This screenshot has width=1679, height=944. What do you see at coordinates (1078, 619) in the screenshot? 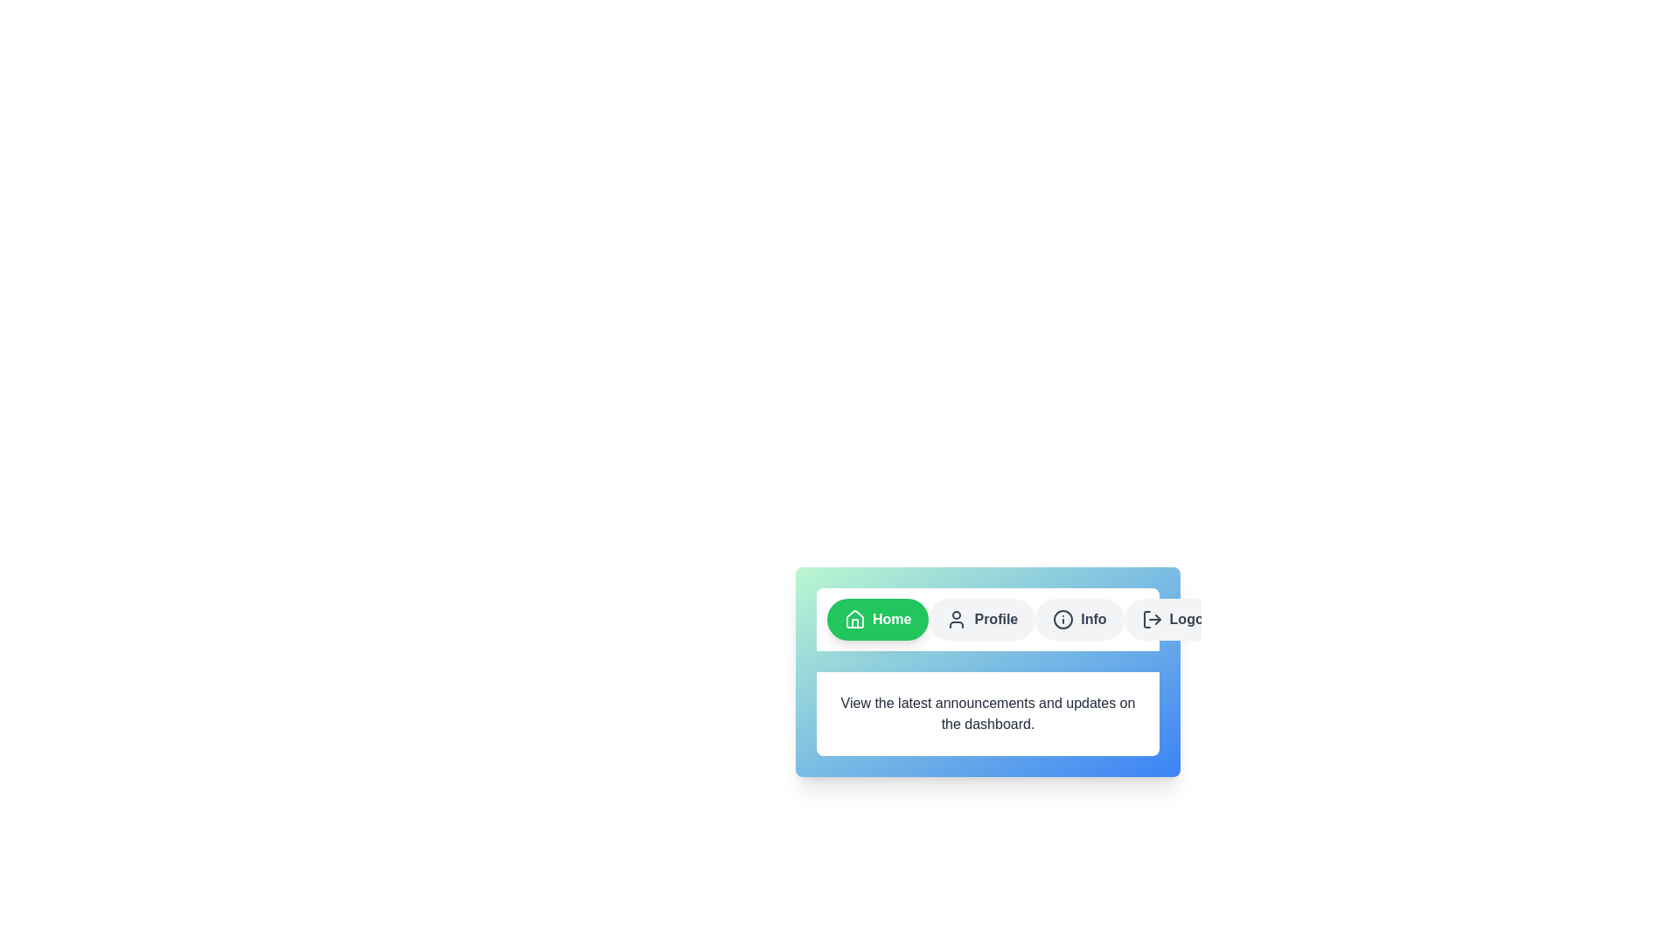
I see `the 'Info' button, which is a rounded rectangular button with a light gray background and dark text, located between the 'Profile' and 'Logout' buttons in the top center menu` at bounding box center [1078, 619].